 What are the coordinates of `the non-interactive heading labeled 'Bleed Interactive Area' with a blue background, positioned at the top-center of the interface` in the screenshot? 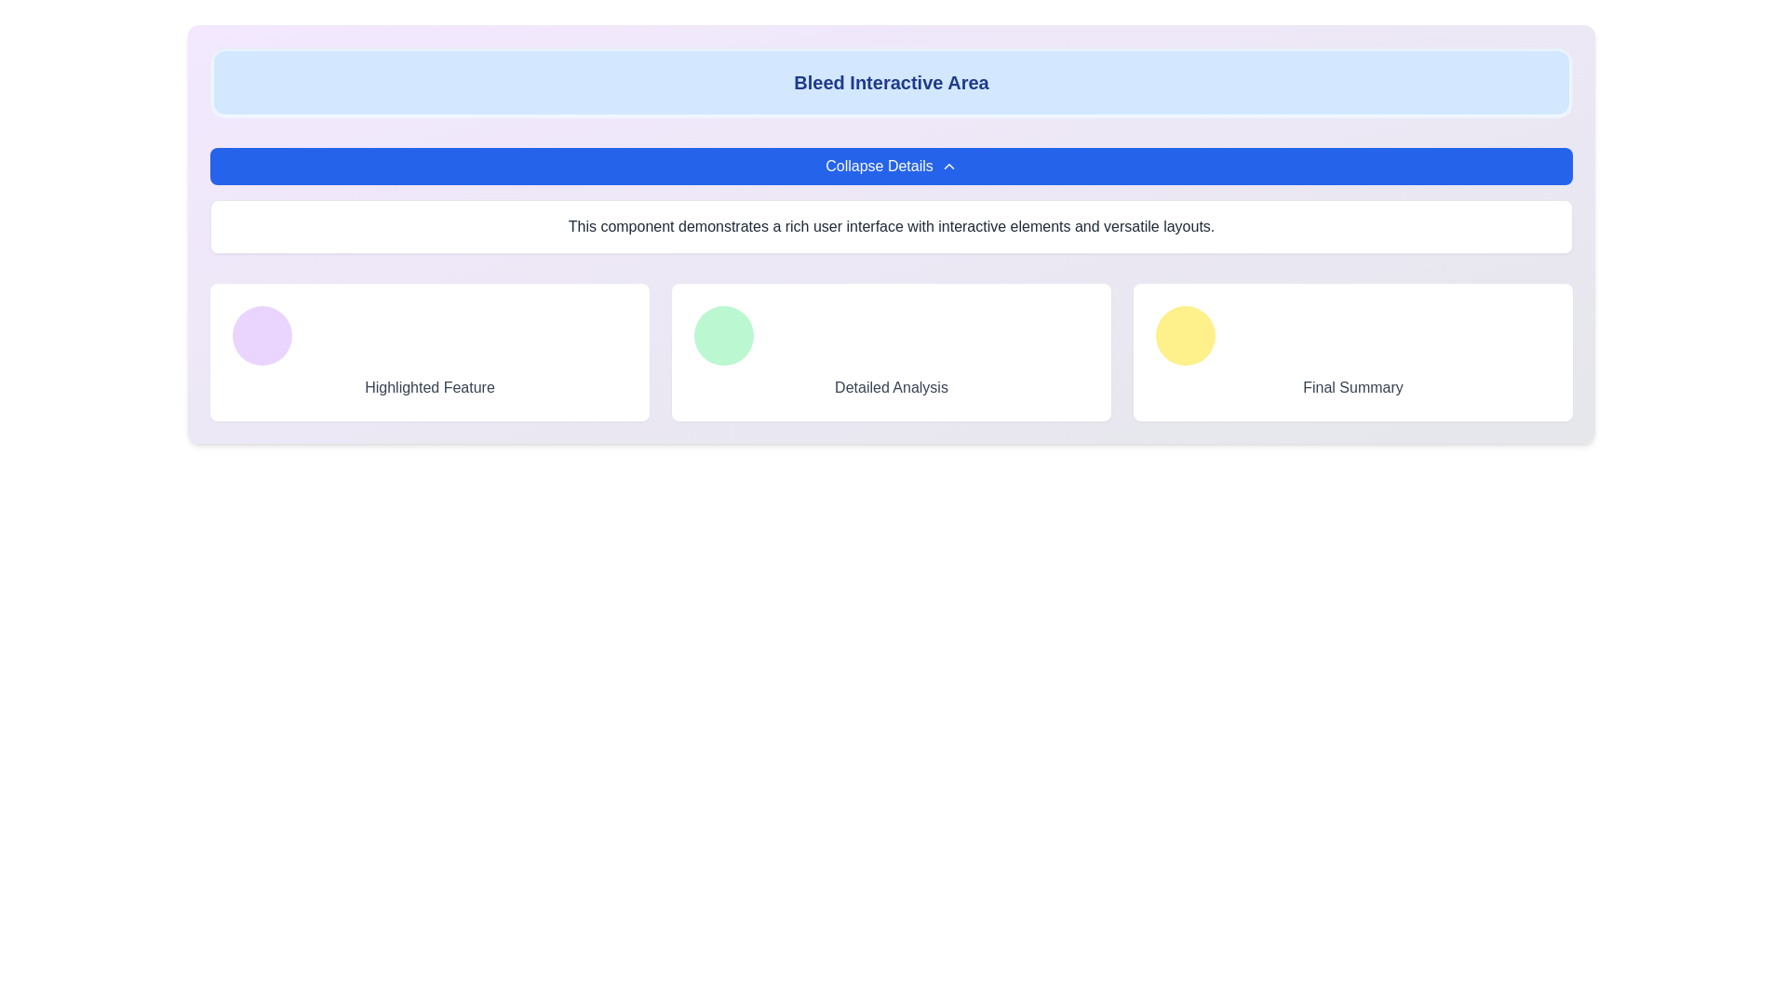 It's located at (891, 81).